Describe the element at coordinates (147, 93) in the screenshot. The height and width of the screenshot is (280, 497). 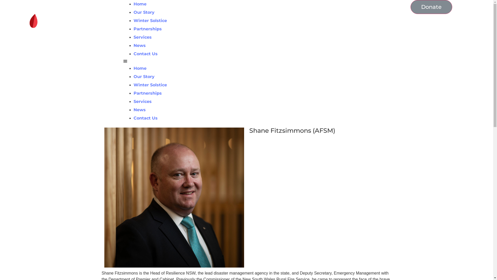
I see `'Partnerships'` at that location.